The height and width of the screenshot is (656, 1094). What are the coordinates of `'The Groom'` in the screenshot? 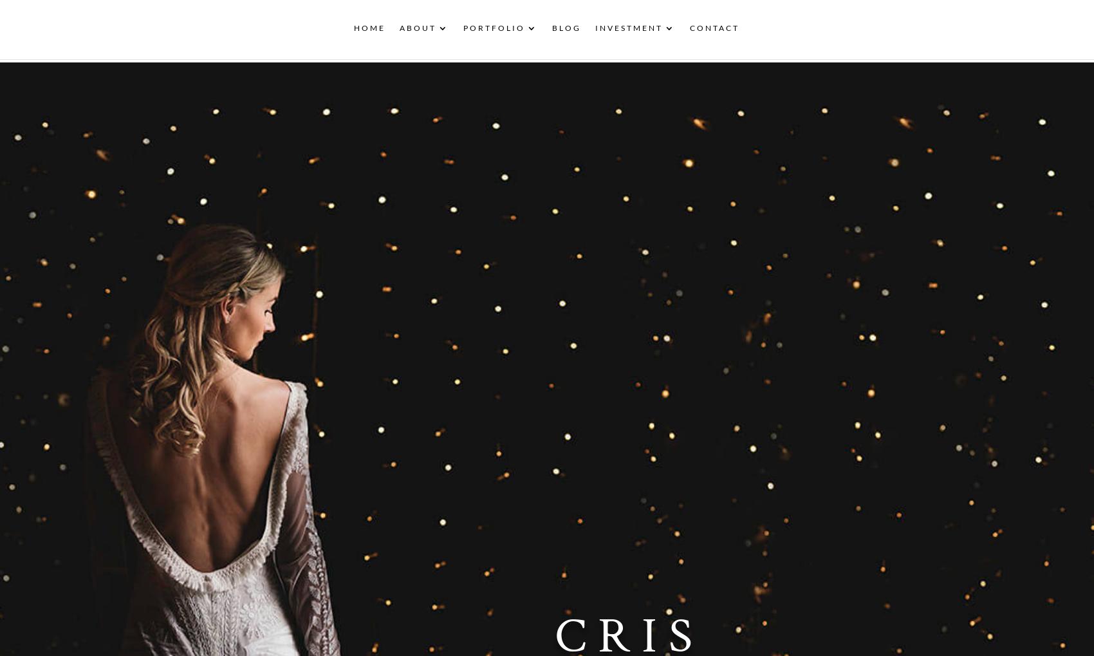 It's located at (520, 116).